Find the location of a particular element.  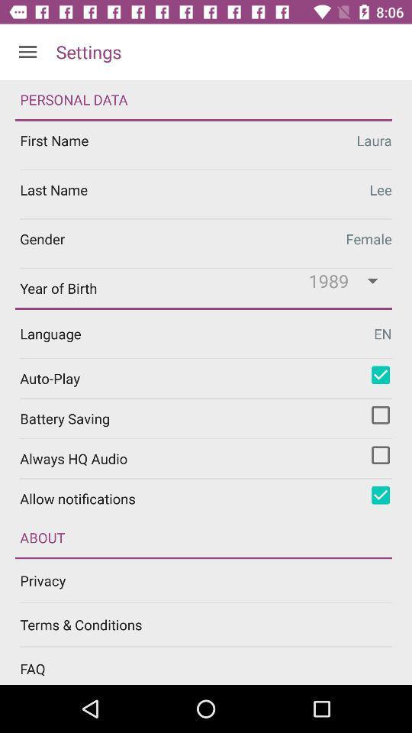

terms & conditions item is located at coordinates (215, 625).